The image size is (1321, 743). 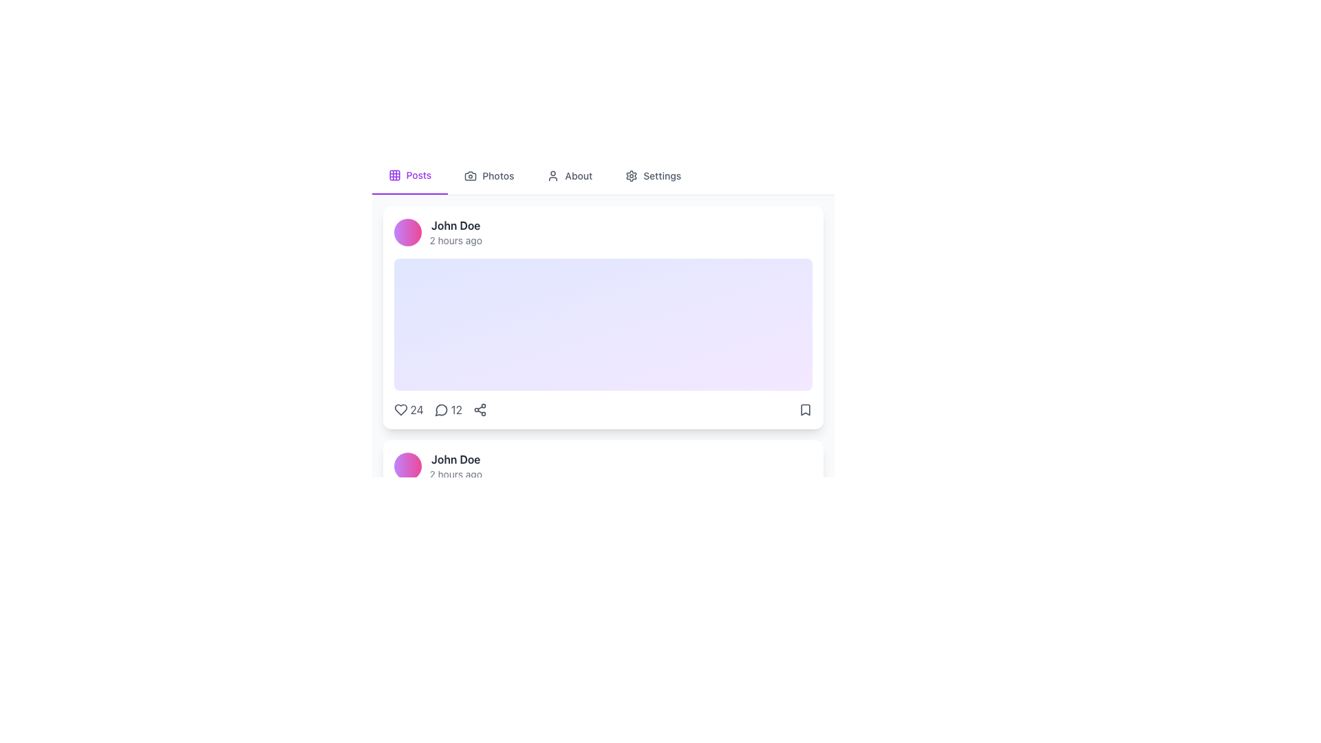 What do you see at coordinates (440, 409) in the screenshot?
I see `the comment count icon located in the middle of the horizontal row at the bottom of the post` at bounding box center [440, 409].